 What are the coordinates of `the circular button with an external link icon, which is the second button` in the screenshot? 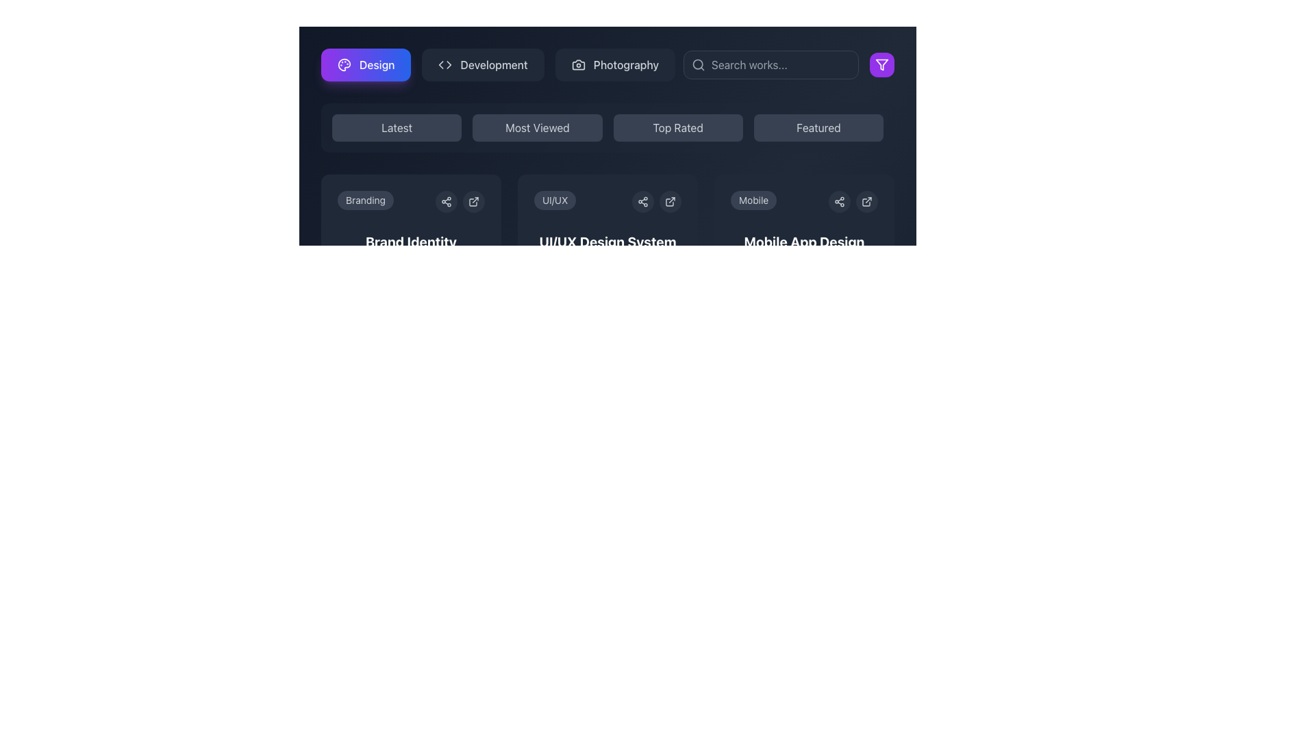 It's located at (671, 201).